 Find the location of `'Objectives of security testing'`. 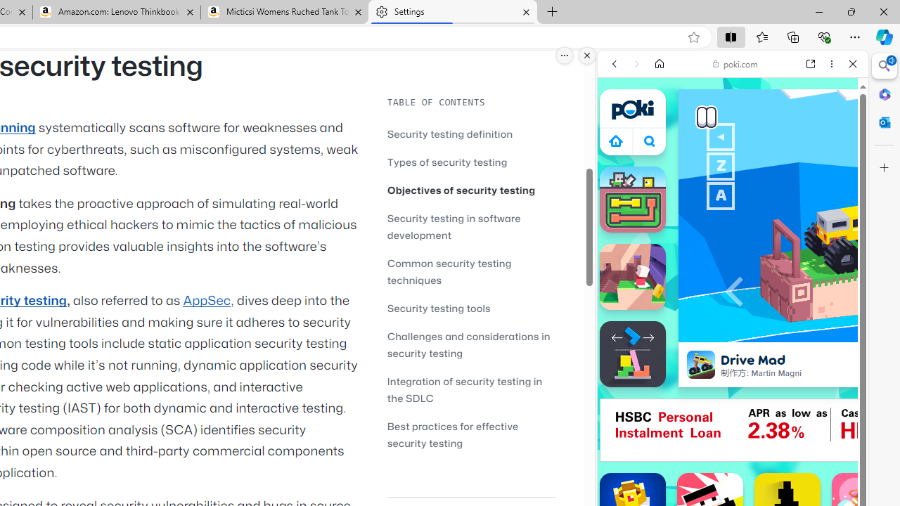

'Objectives of security testing' is located at coordinates (461, 190).